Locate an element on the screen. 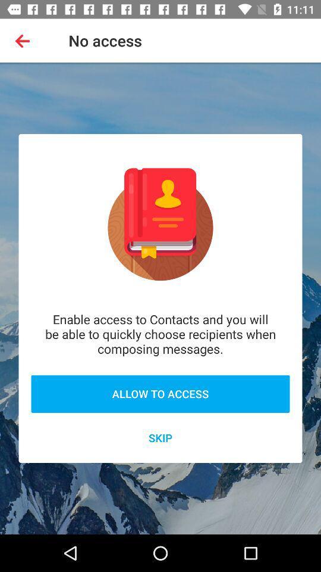 The width and height of the screenshot is (321, 572). app next to the no access item is located at coordinates (25, 41).